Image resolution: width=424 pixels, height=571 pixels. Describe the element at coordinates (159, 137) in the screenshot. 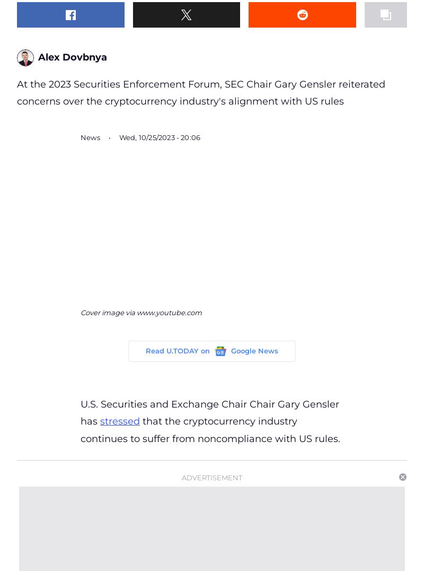

I see `'Wed, 10/25/2023 - 20:06'` at that location.